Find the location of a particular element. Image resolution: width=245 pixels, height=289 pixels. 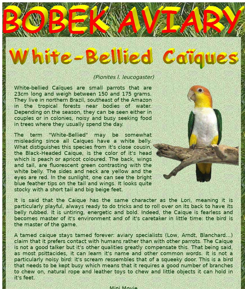

'from it's close cousin, the' is located at coordinates (13, 150).